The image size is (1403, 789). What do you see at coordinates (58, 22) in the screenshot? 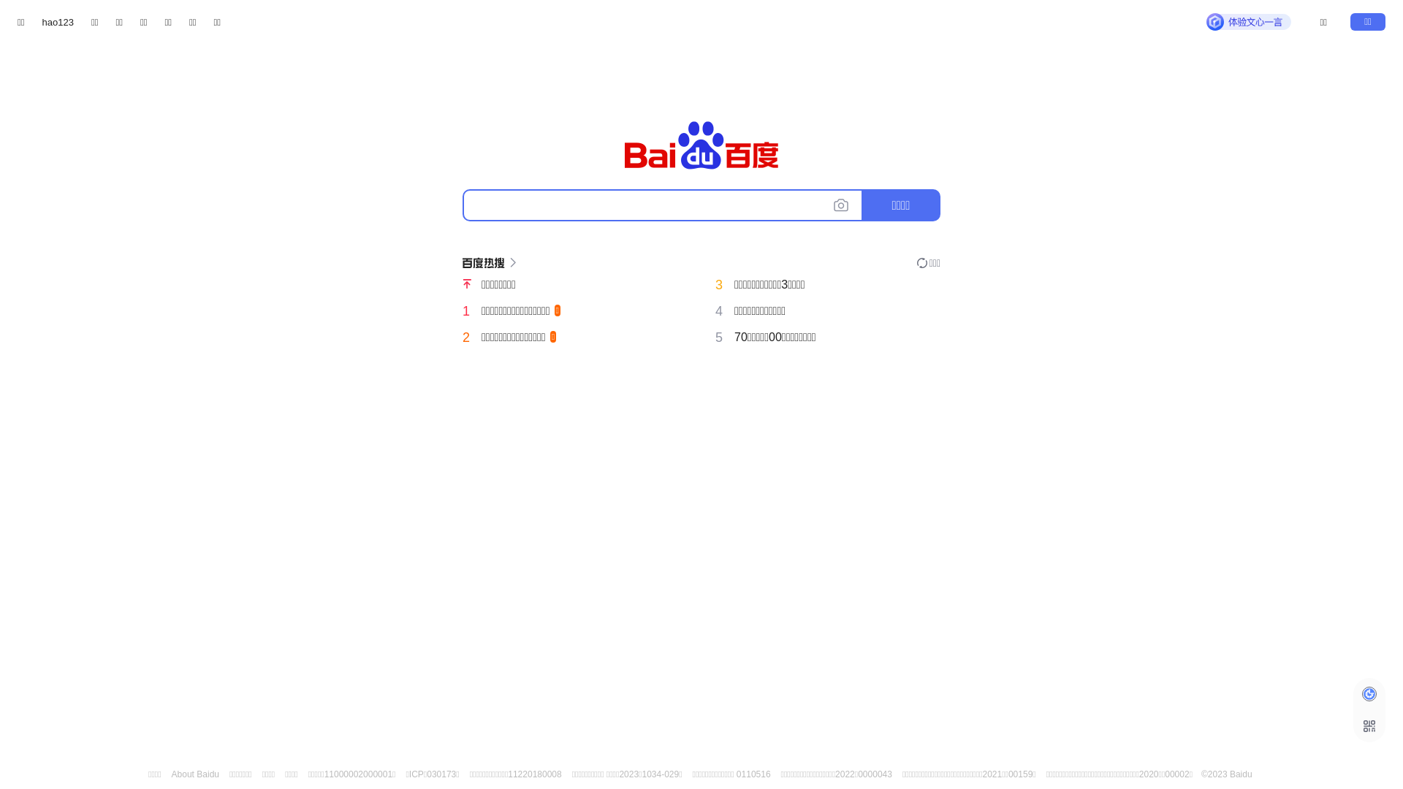
I see `'hao123'` at bounding box center [58, 22].